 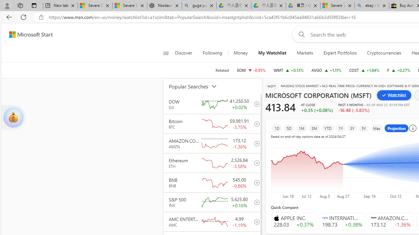 I want to click on 'Web search', so click(x=300, y=34).